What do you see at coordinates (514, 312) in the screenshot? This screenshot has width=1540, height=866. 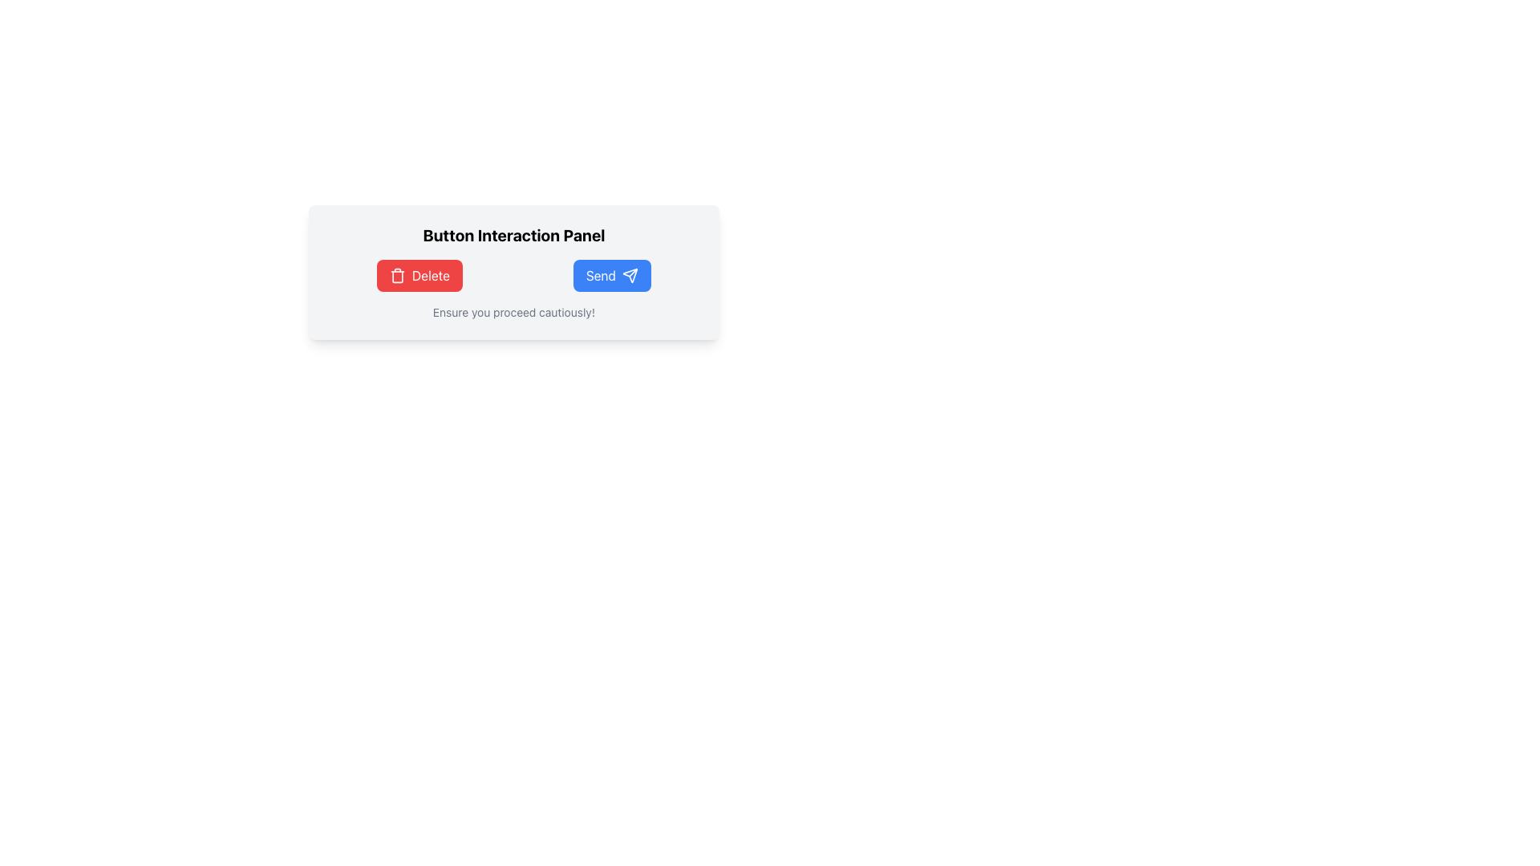 I see `the text label displaying 'Ensure you proceed cautiously!' which is located under the 'Delete' and 'Send' buttons in the 'Button Interaction Panel'` at bounding box center [514, 312].